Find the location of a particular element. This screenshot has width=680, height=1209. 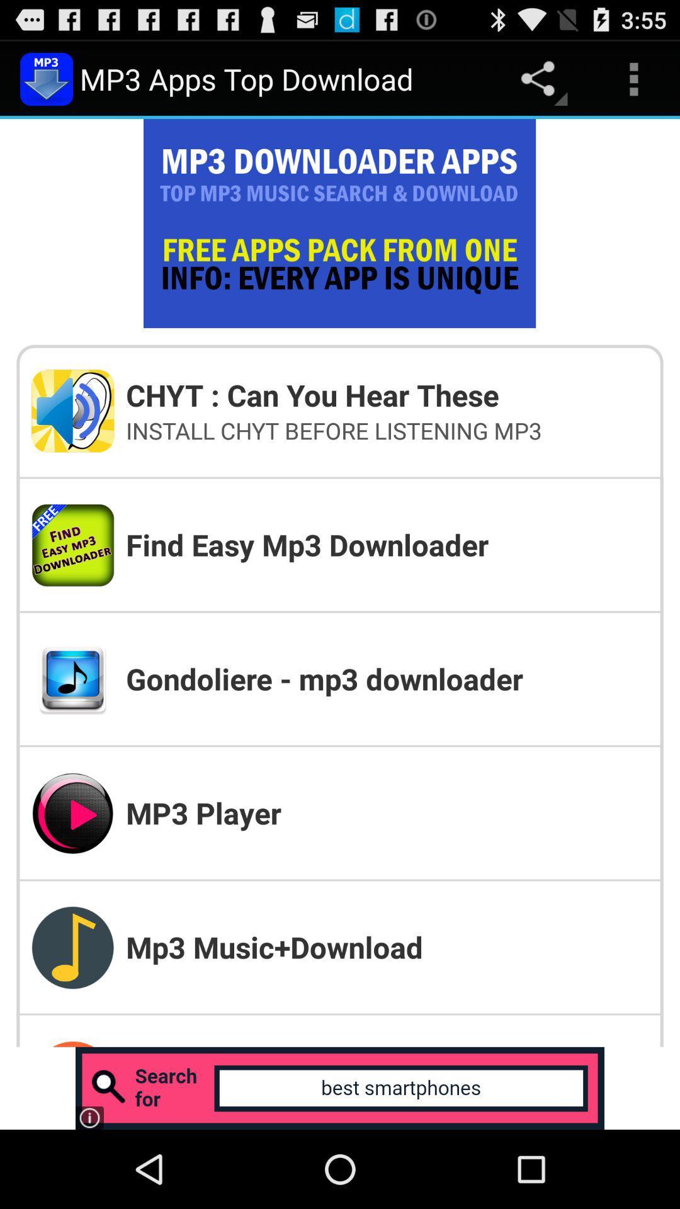

item above gondoliere - mp3 downloader item is located at coordinates (386, 545).